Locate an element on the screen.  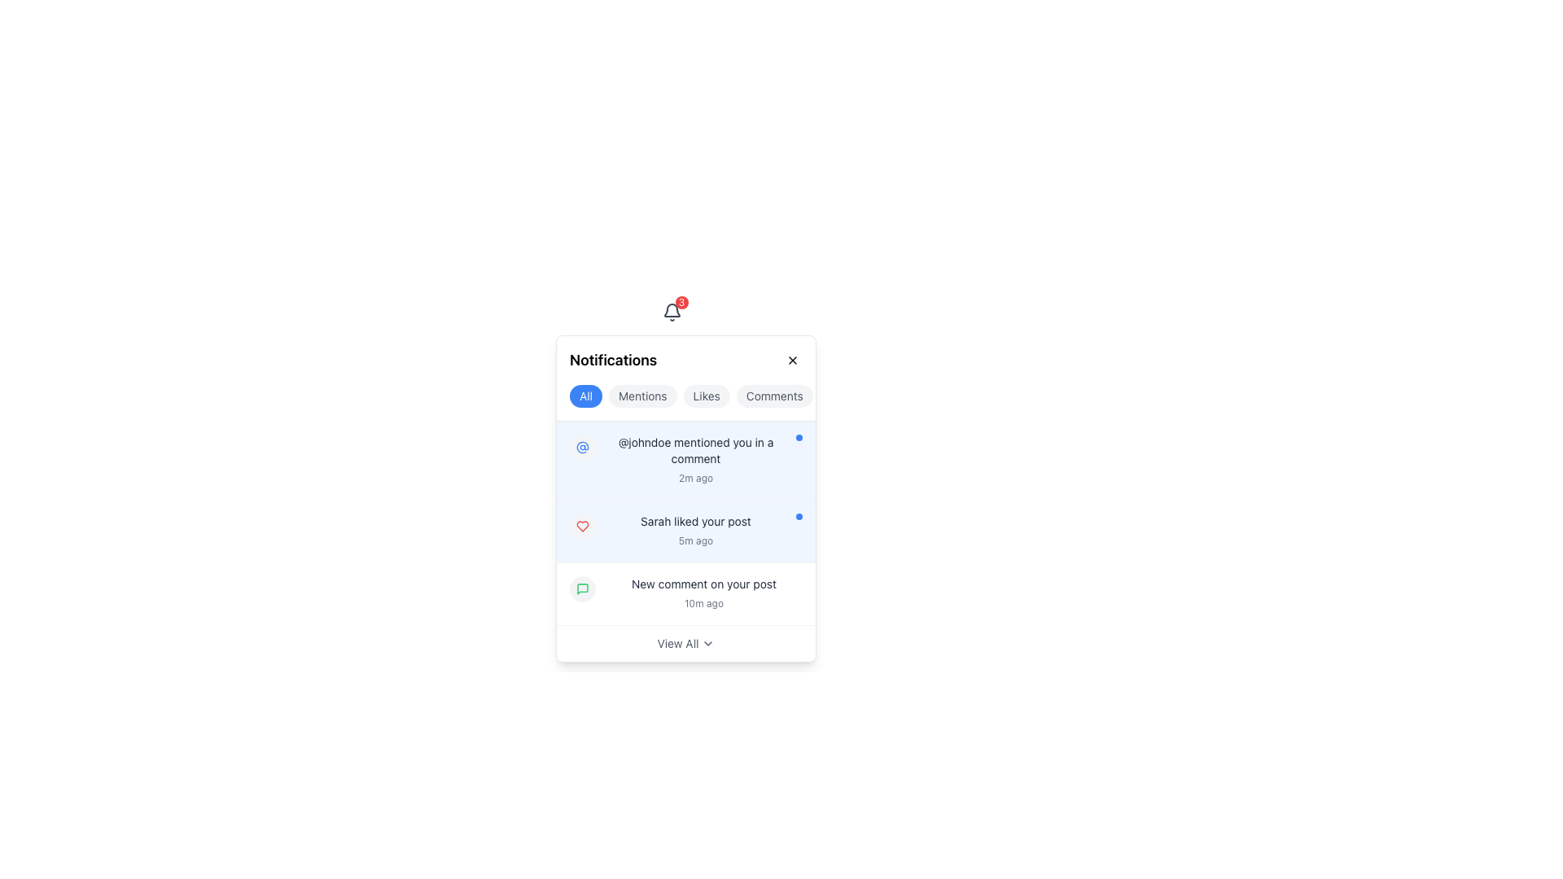
text label displaying '5m ago', which is positioned under the message 'Sarah liked your post' in the notification card is located at coordinates (695, 540).